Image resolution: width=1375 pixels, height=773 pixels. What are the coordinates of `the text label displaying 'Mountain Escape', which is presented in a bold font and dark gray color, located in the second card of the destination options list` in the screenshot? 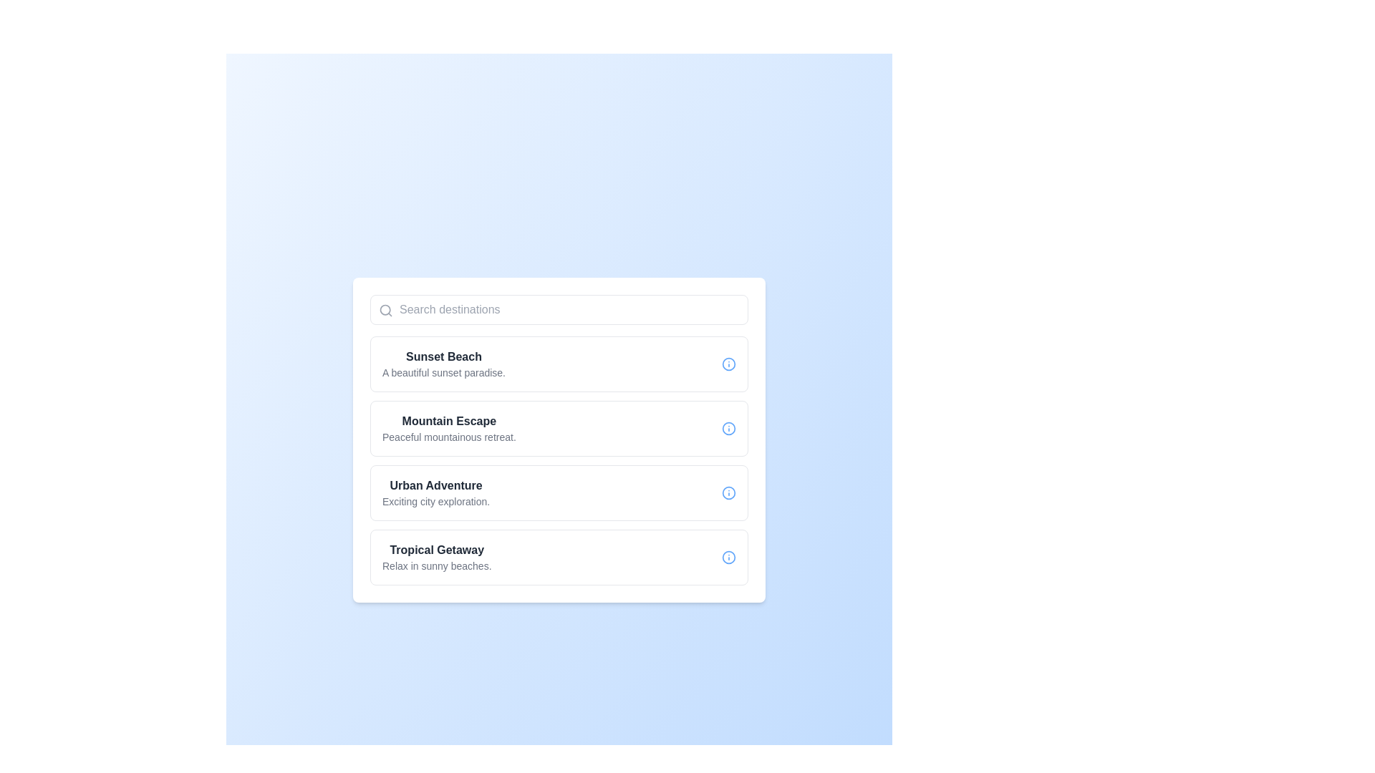 It's located at (448, 421).